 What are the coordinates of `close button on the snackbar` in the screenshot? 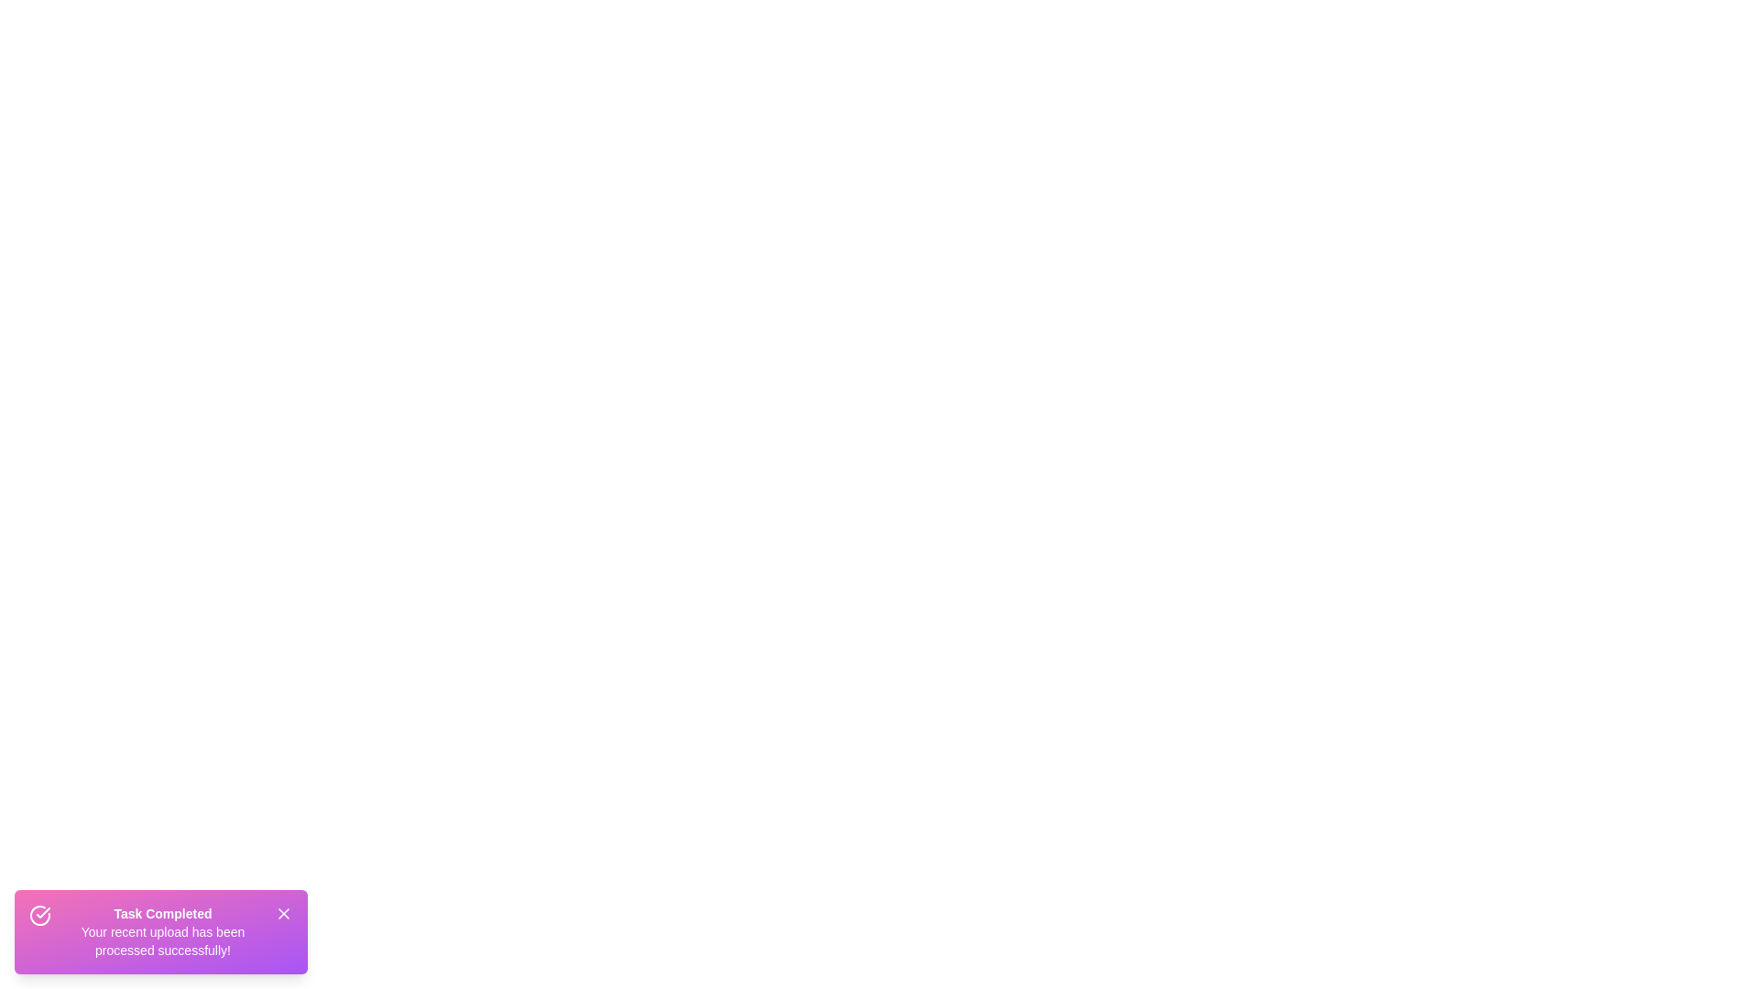 It's located at (283, 914).